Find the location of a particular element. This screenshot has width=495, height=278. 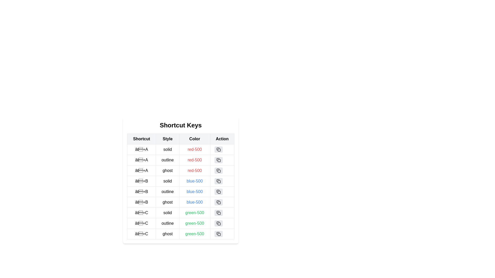

the 'copy' icon located inside the 'Action' column of the row labeled with the keyboard shortcut 'Ctrl+B' in the 'Shortcut Keys' table is located at coordinates (218, 181).